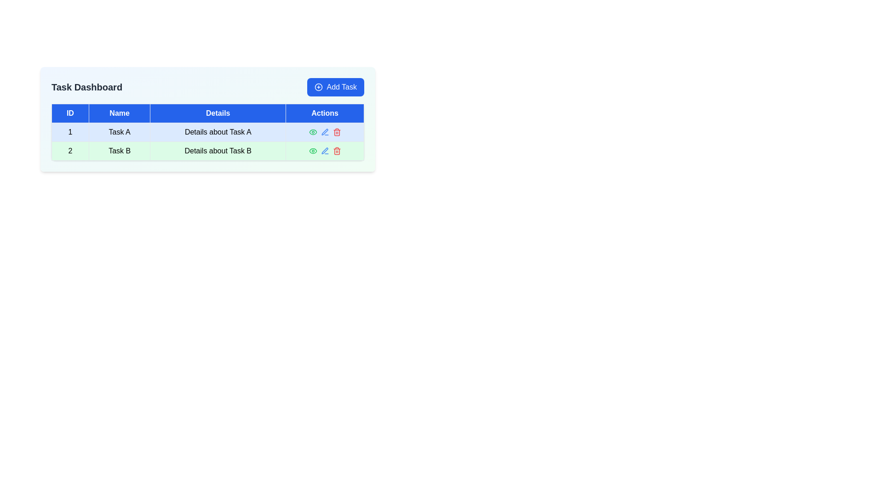  I want to click on the edit icon in the 'Actions' column of the second row of the table to initiate the edit action, so click(325, 150).